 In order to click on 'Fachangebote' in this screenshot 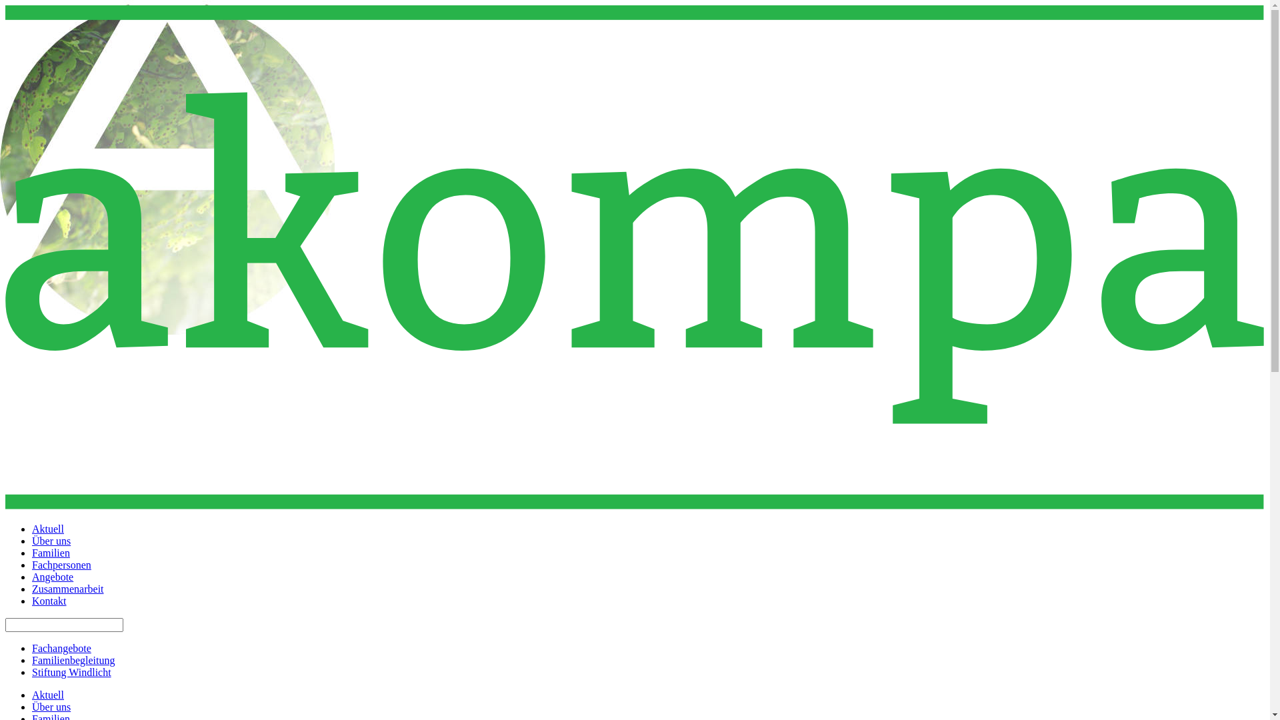, I will do `click(32, 647)`.